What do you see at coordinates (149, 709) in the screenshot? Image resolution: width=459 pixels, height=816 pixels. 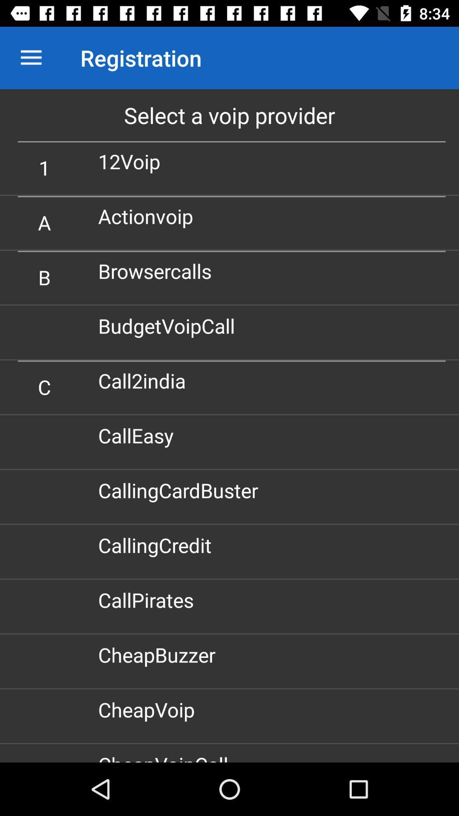 I see `cheapvoip` at bounding box center [149, 709].